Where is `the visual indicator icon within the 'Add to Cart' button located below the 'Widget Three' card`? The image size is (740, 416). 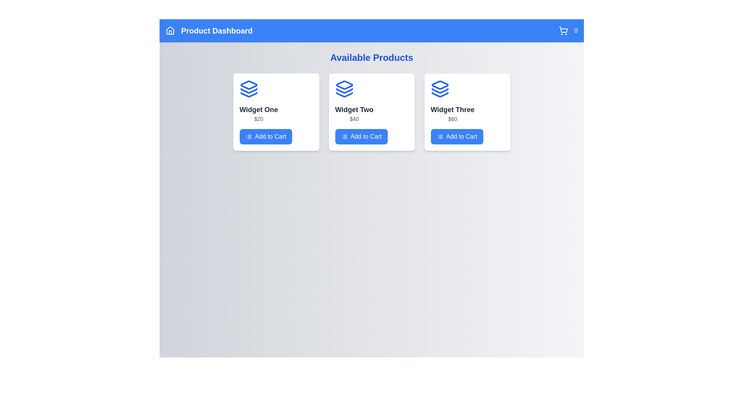 the visual indicator icon within the 'Add to Cart' button located below the 'Widget Three' card is located at coordinates (440, 136).